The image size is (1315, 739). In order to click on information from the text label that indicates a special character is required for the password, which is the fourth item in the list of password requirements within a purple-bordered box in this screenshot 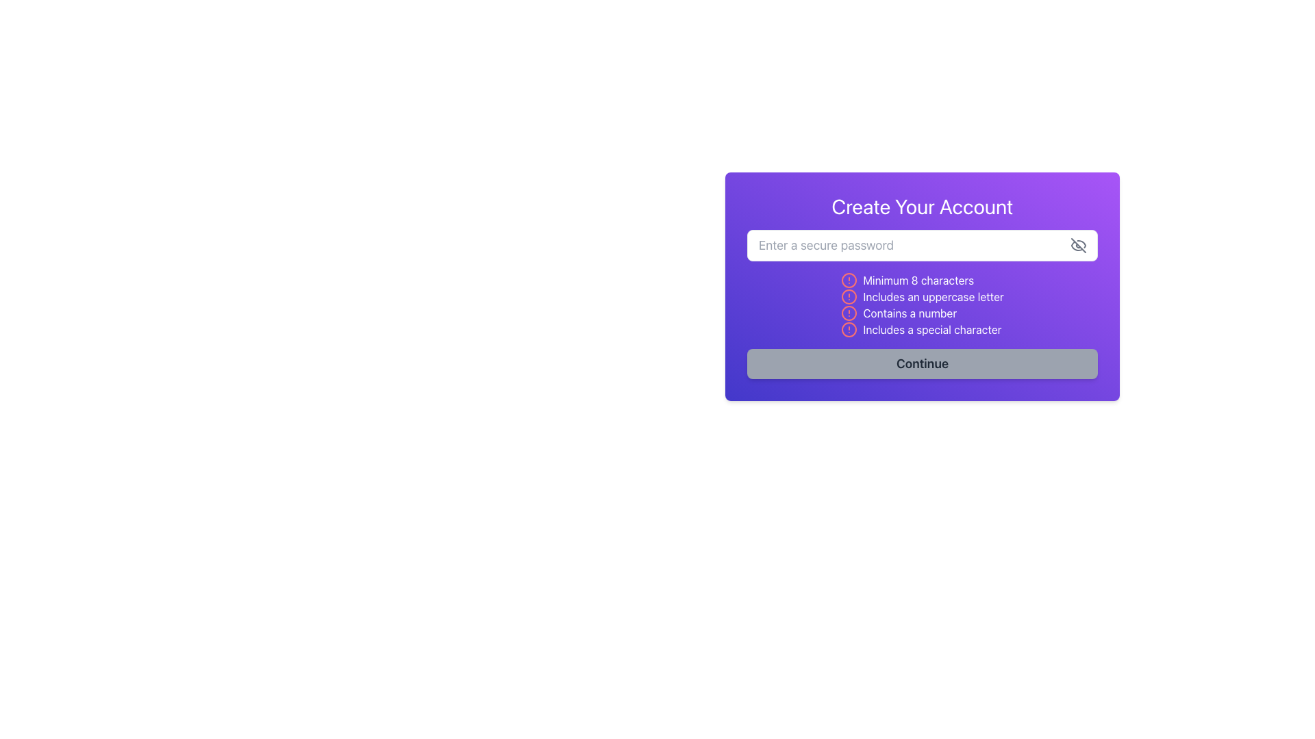, I will do `click(931, 330)`.